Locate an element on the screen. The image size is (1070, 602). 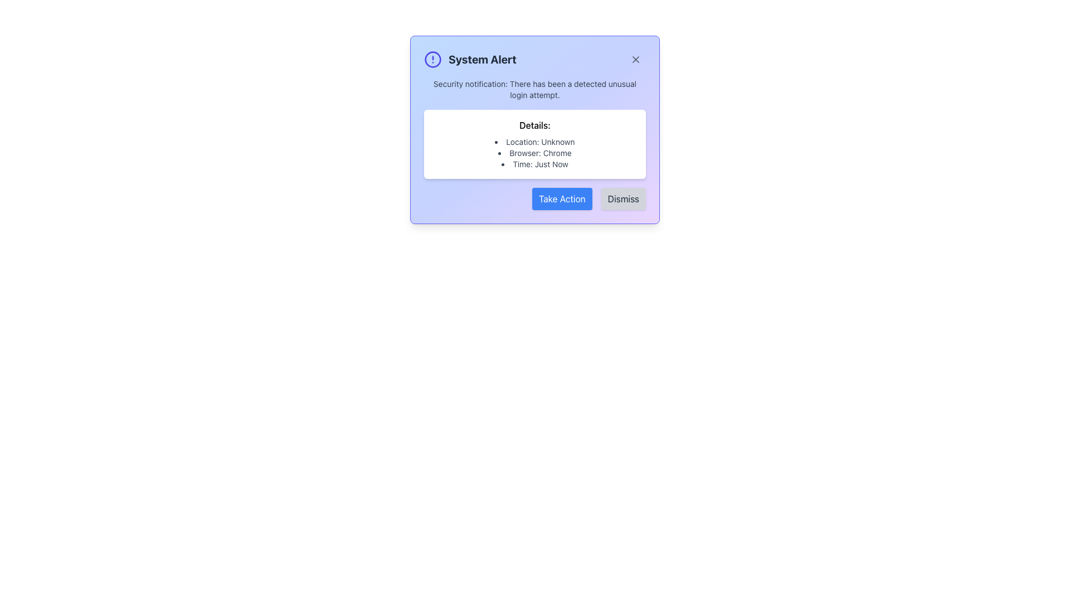
the 'System Alert' text label, which is a bold, extra-large gray font located at the top-center of the modal interface is located at coordinates (482, 60).